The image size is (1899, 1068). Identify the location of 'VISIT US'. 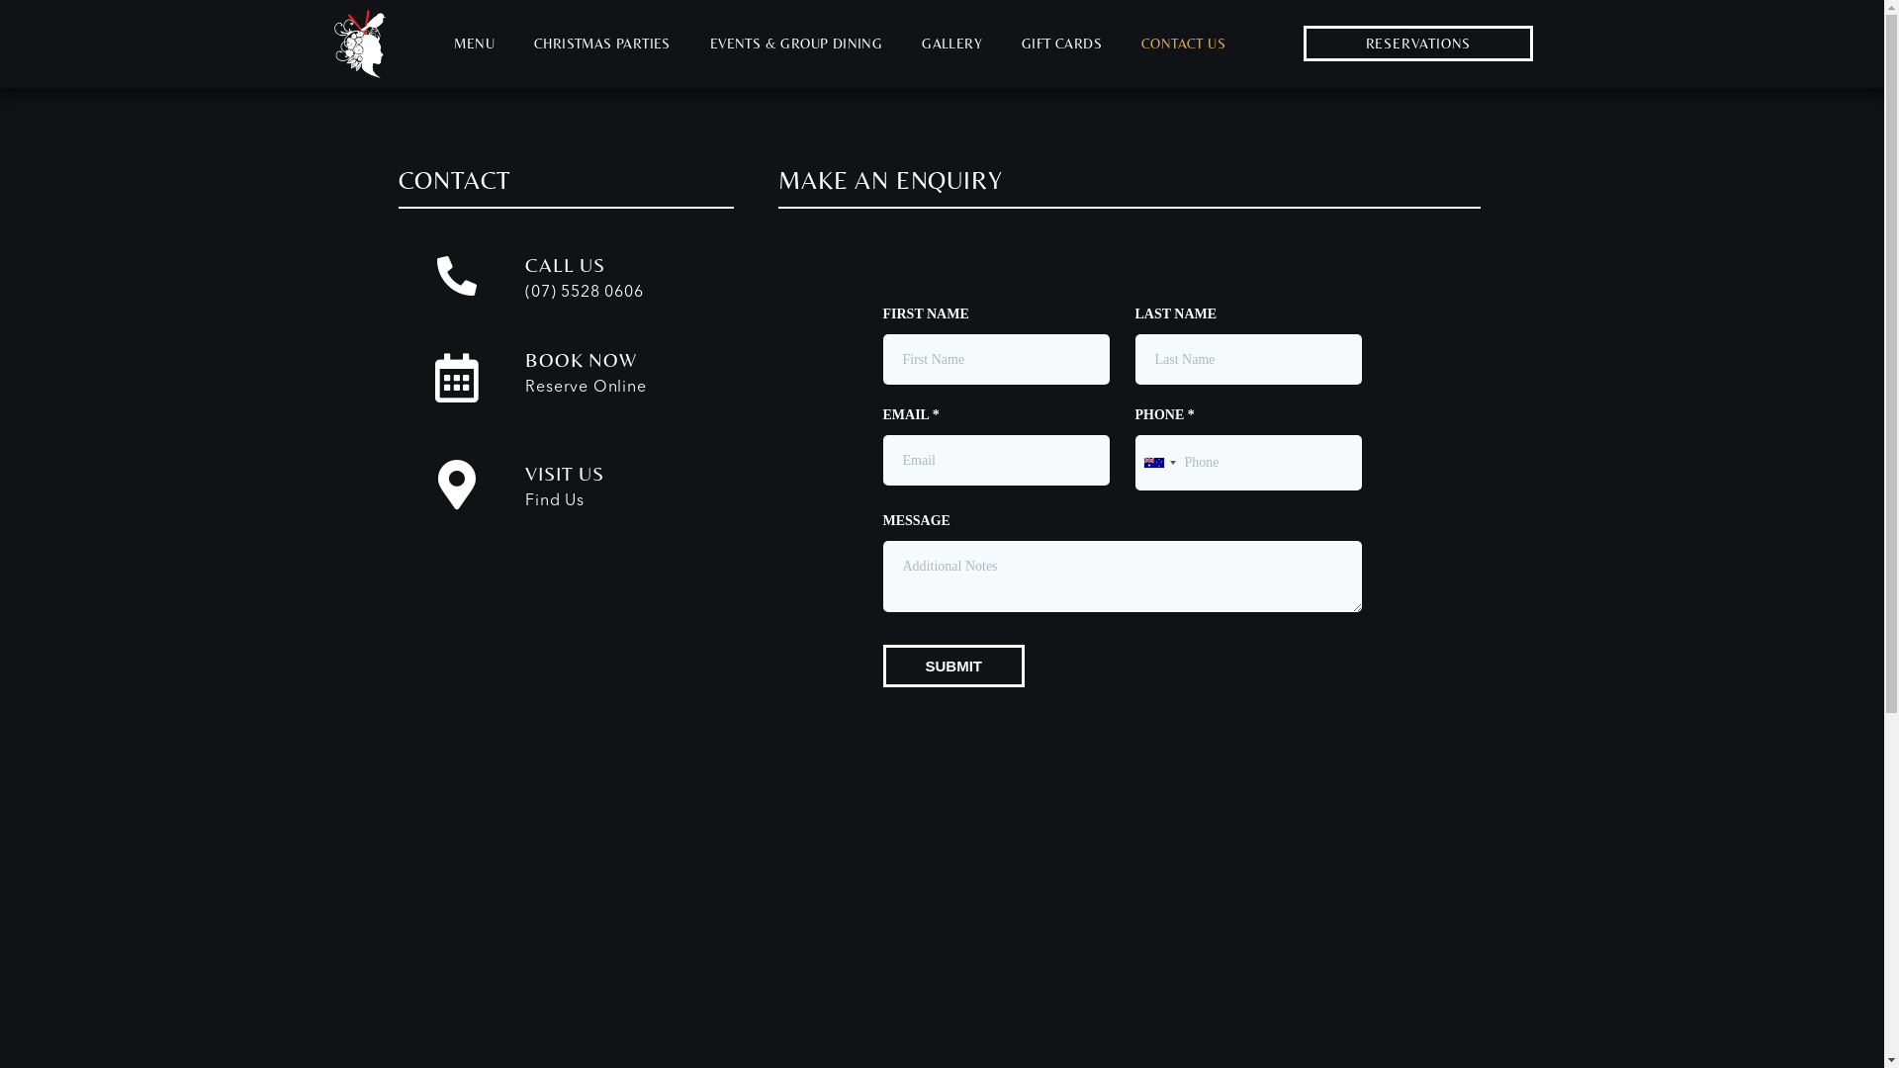
(563, 473).